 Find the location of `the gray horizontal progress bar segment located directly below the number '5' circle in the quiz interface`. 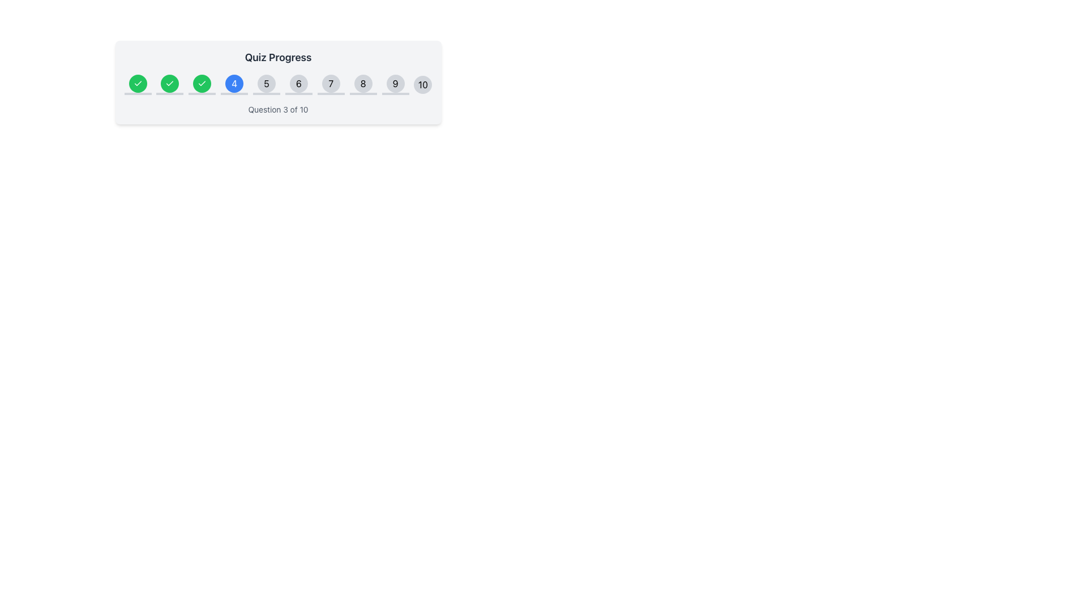

the gray horizontal progress bar segment located directly below the number '5' circle in the quiz interface is located at coordinates (266, 93).